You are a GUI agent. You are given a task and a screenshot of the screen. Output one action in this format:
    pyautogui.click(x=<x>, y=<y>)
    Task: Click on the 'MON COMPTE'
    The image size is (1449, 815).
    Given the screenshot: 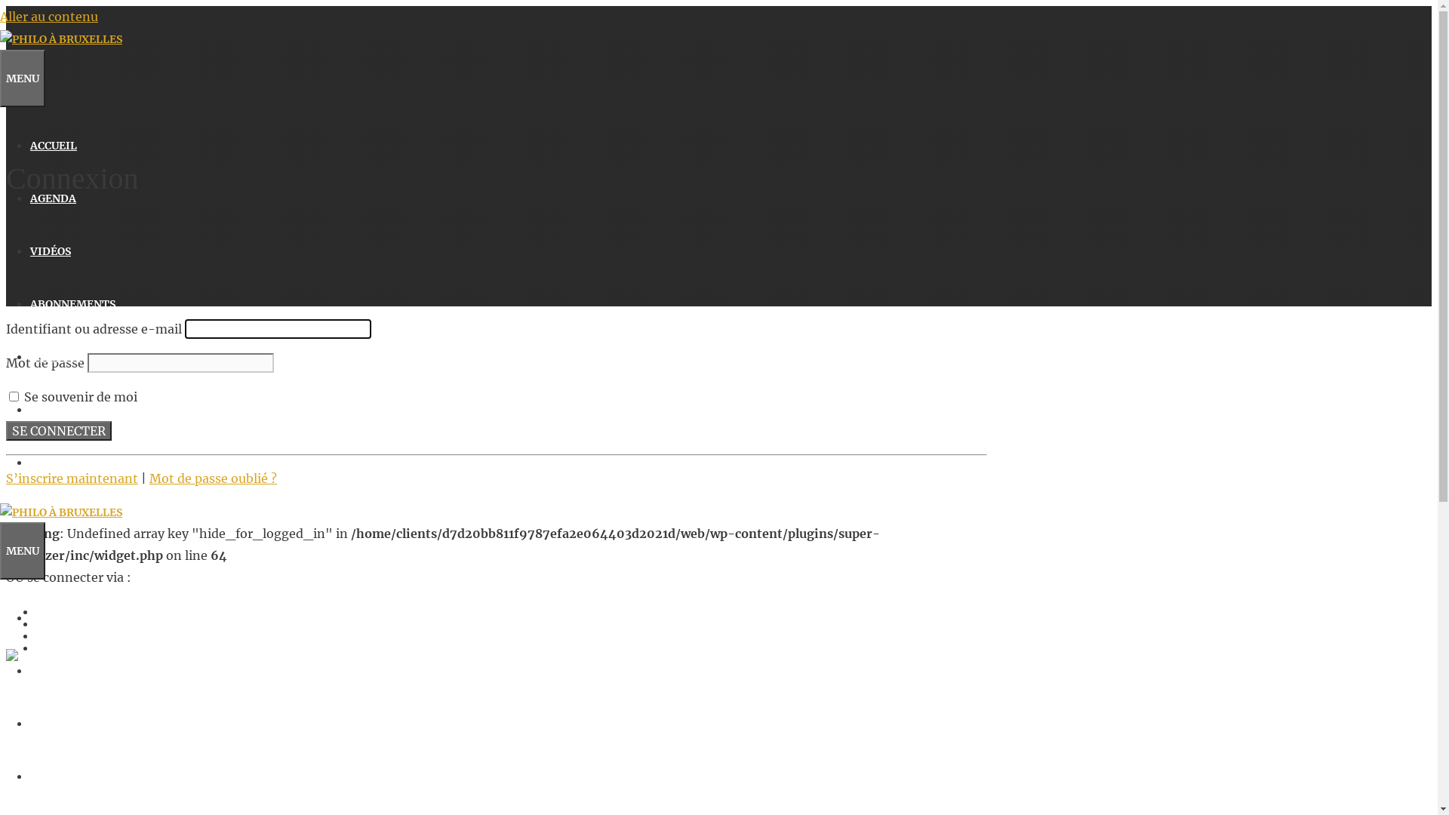 What is the action you would take?
    pyautogui.click(x=66, y=462)
    